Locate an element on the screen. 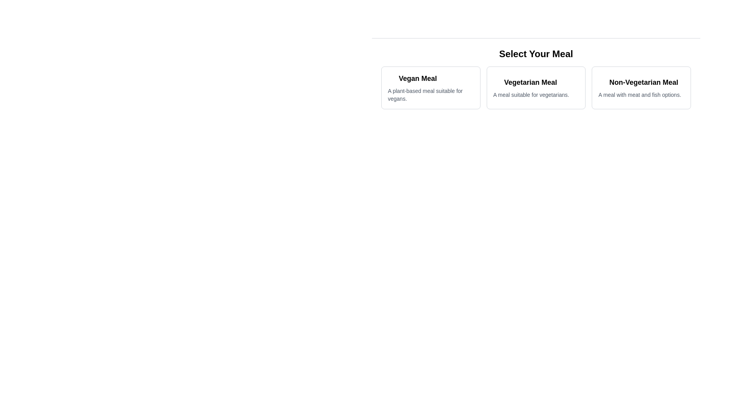 The width and height of the screenshot is (747, 420). the middle card labeled 'Vegetarian Meal' in the Content display card section under 'Select Your Meal' is located at coordinates (535, 87).